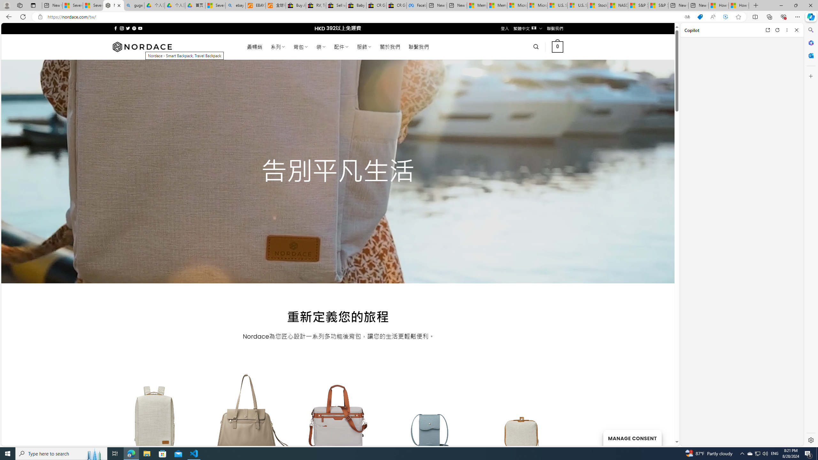 The height and width of the screenshot is (460, 818). Describe the element at coordinates (134, 5) in the screenshot. I see `'guge yunpan - Search'` at that location.